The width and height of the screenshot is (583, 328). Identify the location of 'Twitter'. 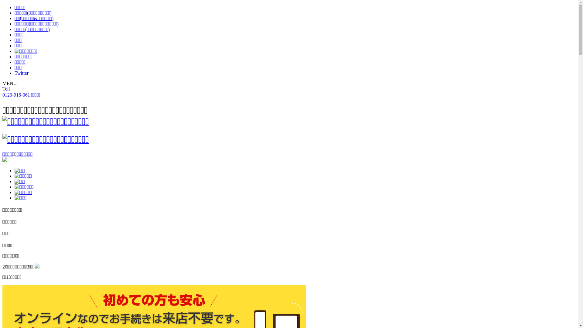
(22, 73).